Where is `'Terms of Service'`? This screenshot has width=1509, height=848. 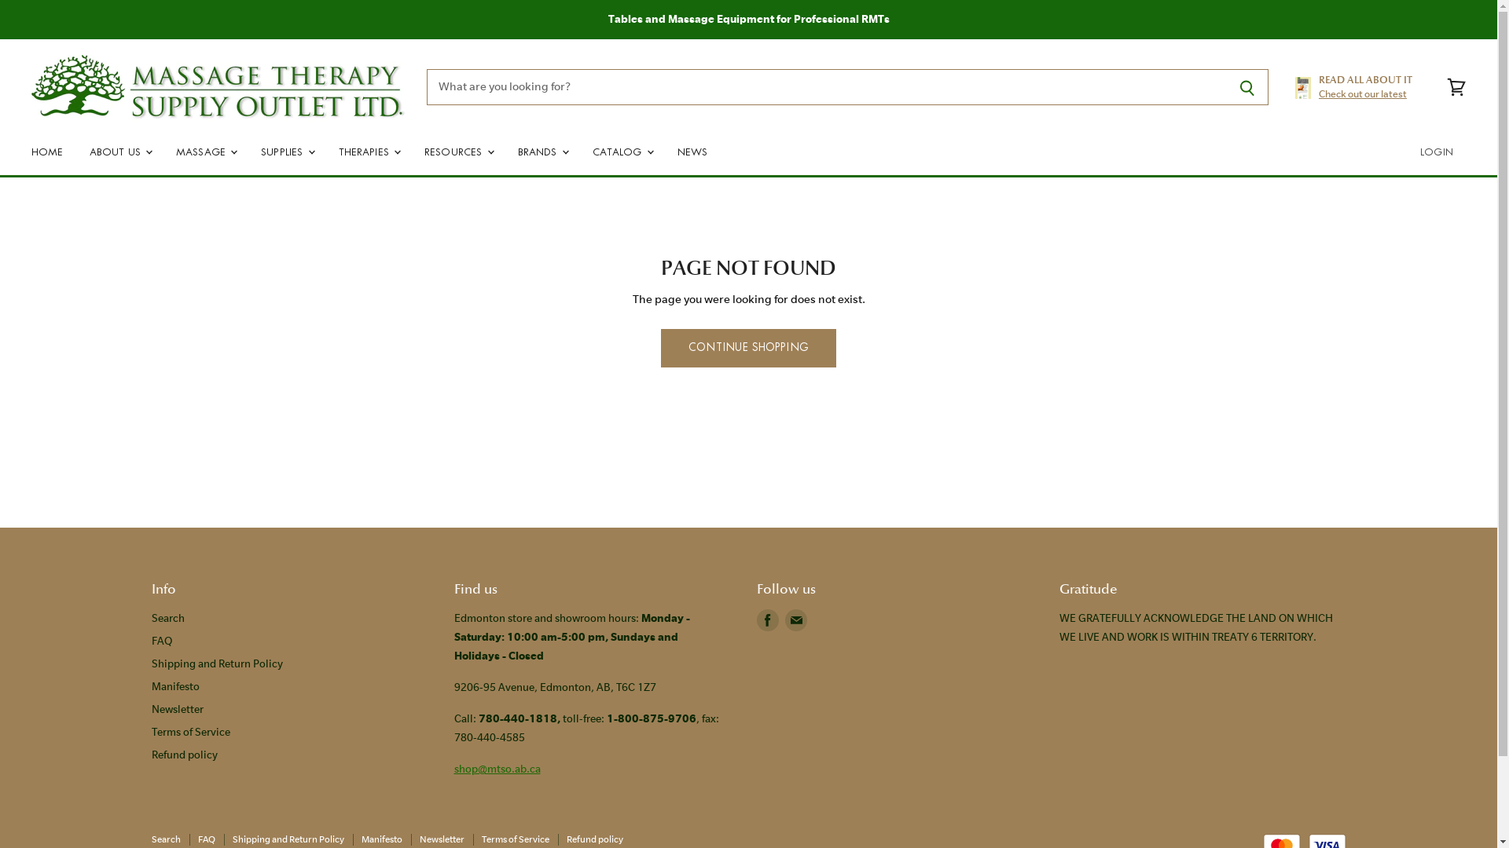
'Terms of Service' is located at coordinates (151, 732).